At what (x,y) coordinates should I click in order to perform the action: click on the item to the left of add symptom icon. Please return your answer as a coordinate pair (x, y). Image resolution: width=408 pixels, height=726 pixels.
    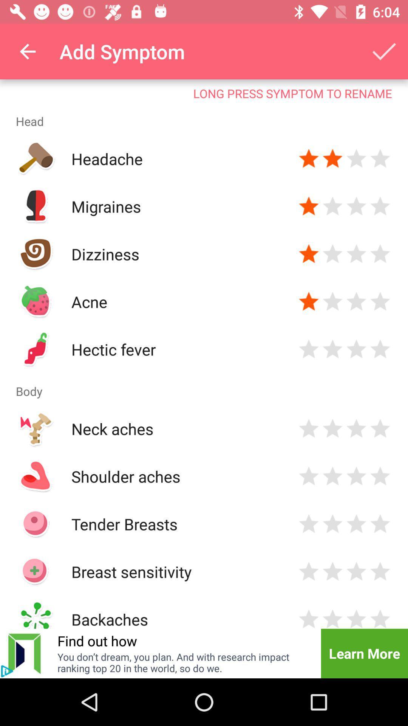
    Looking at the image, I should click on (27, 51).